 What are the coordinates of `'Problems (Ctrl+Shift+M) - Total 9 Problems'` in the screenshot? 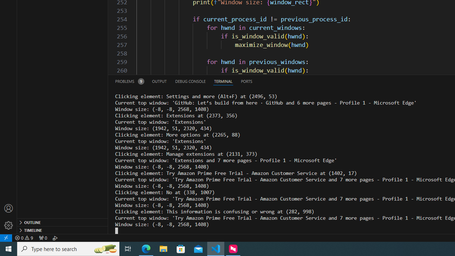 It's located at (129, 81).